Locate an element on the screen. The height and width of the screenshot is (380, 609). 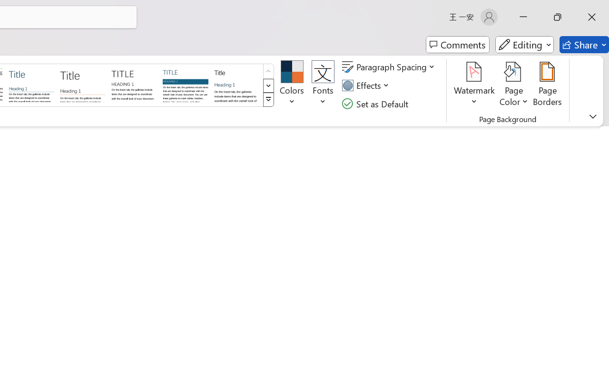
'Watermark' is located at coordinates (474, 85).